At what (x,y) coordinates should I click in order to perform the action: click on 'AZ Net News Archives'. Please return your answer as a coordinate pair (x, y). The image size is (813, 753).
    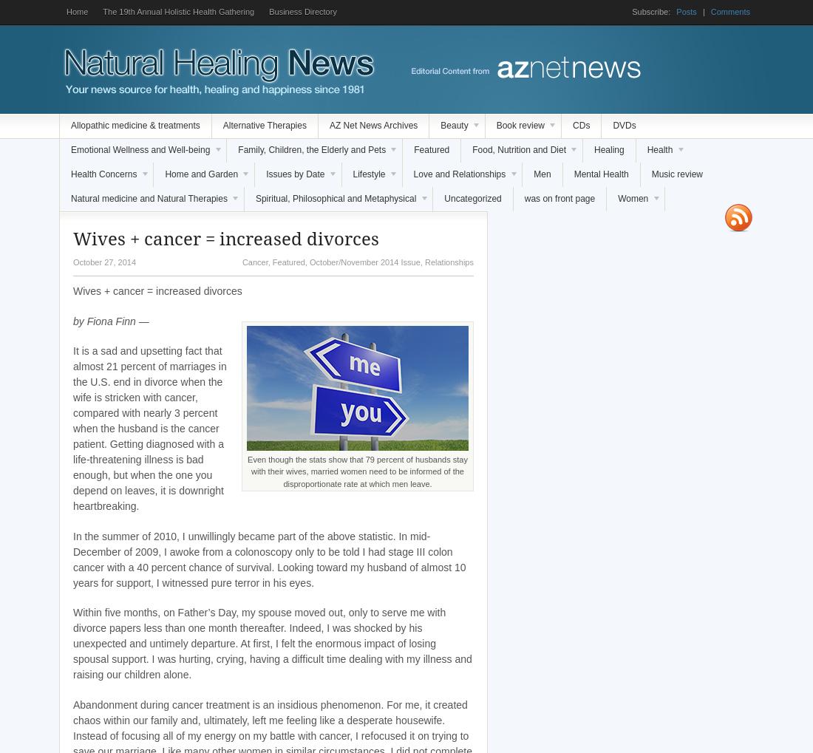
    Looking at the image, I should click on (373, 125).